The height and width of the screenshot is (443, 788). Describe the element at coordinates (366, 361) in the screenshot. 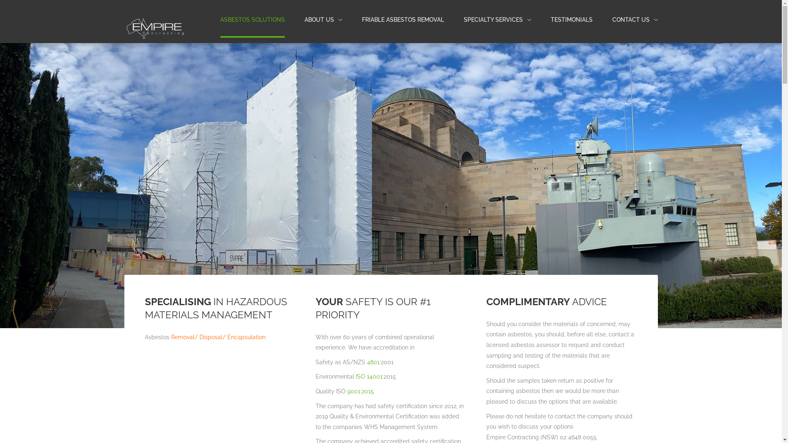

I see `'4801'` at that location.